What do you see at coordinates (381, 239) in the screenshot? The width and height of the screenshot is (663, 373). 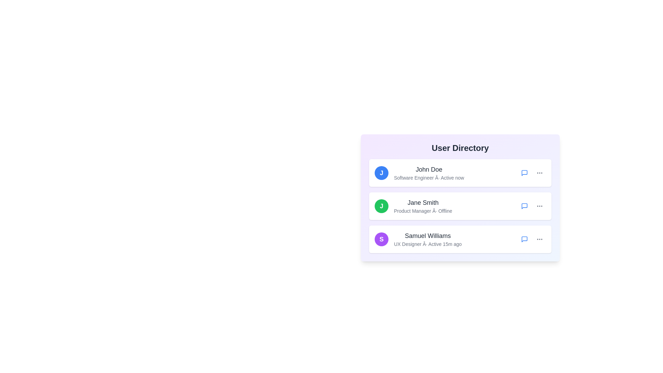 I see `the avatar of Samuel Williams` at bounding box center [381, 239].